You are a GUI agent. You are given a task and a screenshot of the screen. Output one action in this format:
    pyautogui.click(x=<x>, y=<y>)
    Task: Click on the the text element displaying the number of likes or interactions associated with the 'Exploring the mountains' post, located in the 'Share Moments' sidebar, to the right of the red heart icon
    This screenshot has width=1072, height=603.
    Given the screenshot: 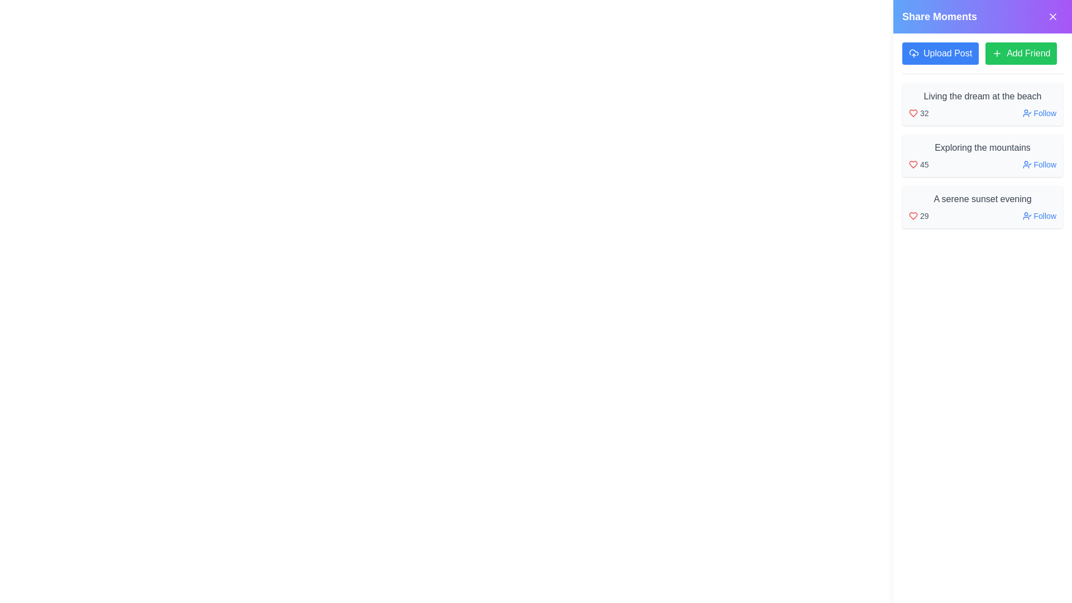 What is the action you would take?
    pyautogui.click(x=918, y=164)
    